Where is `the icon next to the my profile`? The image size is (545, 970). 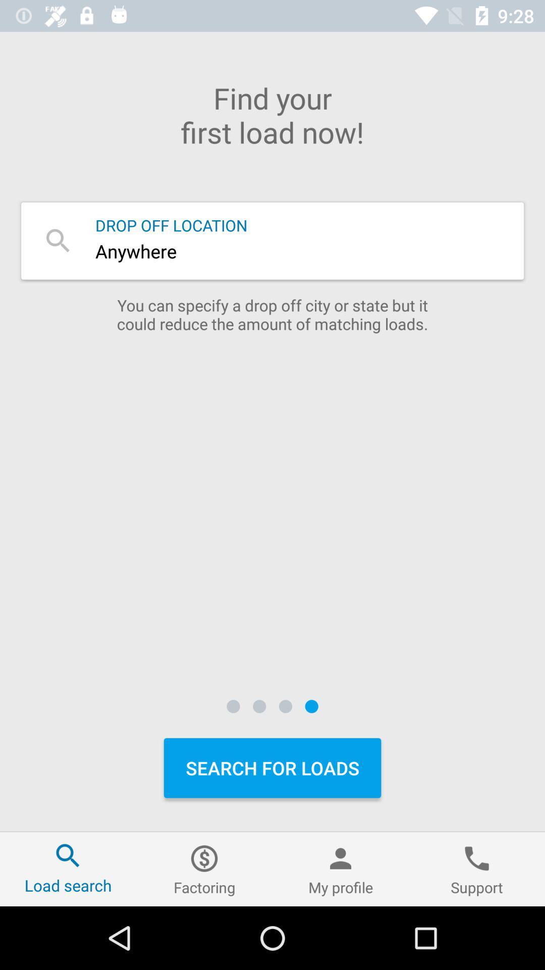 the icon next to the my profile is located at coordinates (204, 868).